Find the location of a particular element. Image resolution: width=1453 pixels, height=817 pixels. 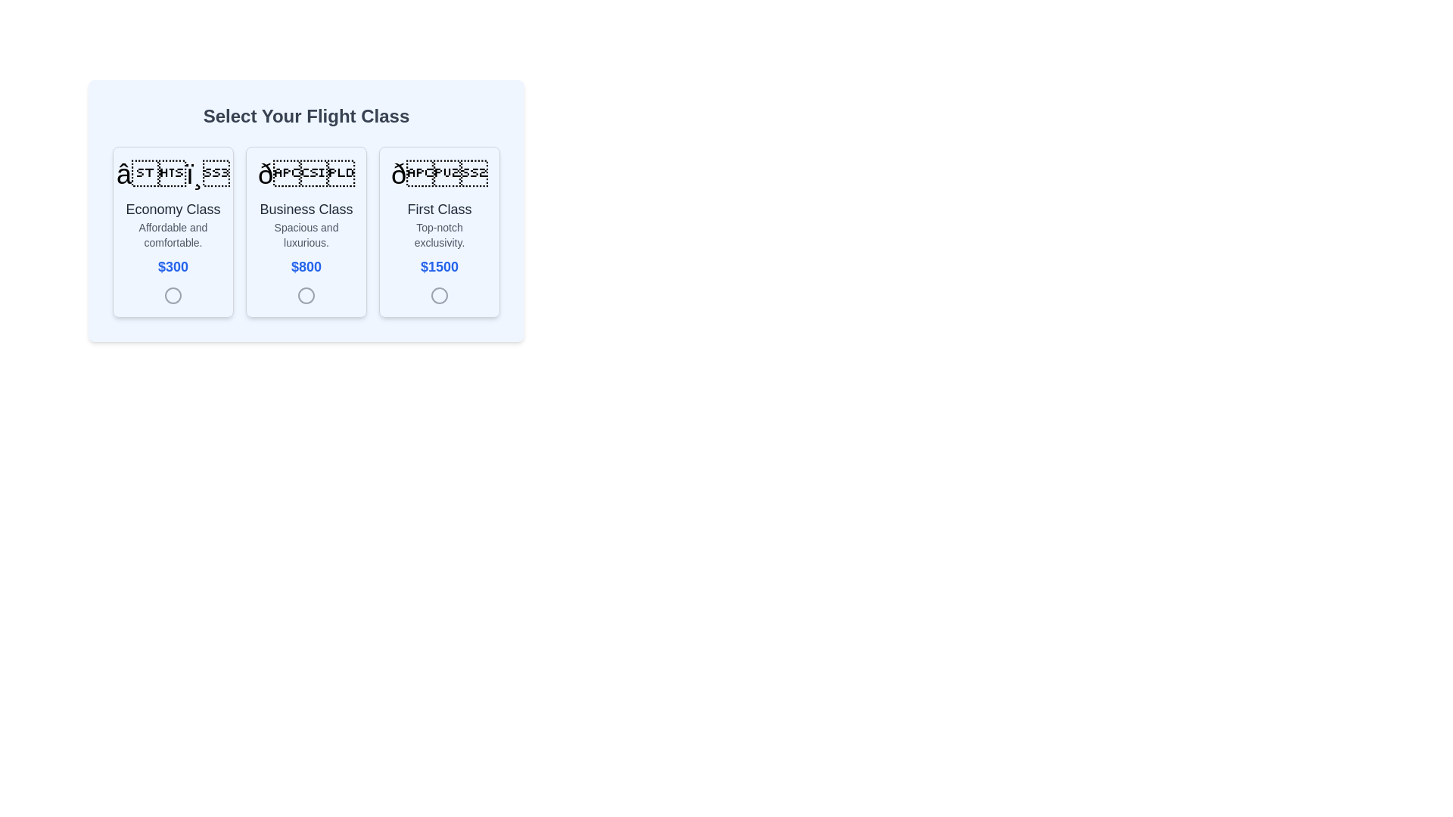

the Text Label displaying the price of the 'First Class' option, located in the 'First Class' section of the selection card layout, below 'Top-notch exclusivity.' is located at coordinates (438, 266).